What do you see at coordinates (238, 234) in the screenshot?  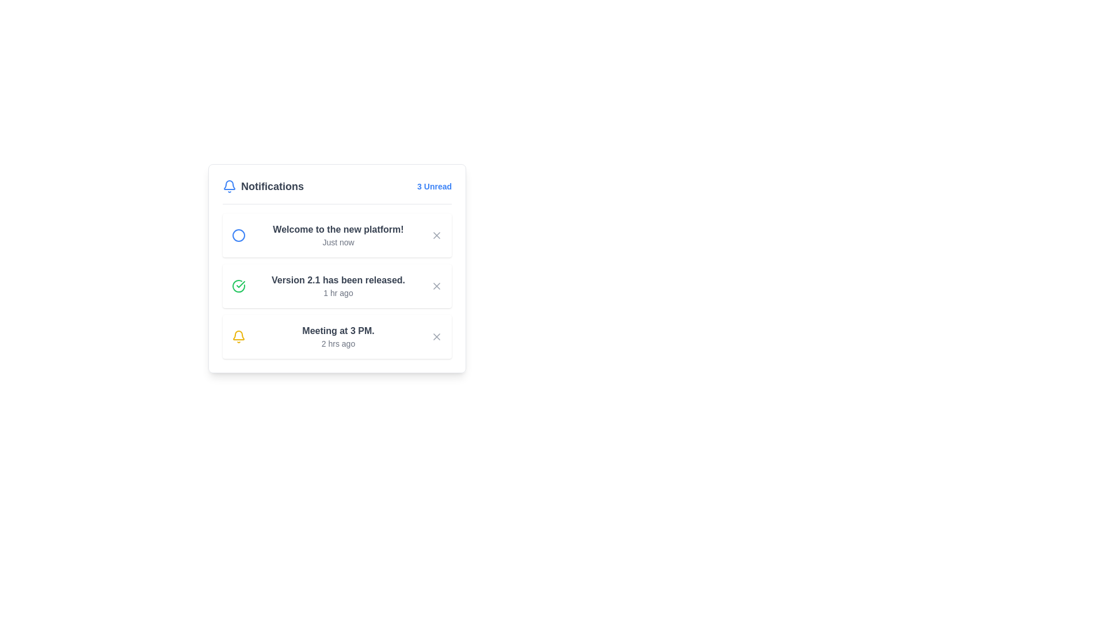 I see `the circular icon that serves as a visual indicator for the notification message 'Welcome to the new platform!' positioned on the left side of the notification box` at bounding box center [238, 234].